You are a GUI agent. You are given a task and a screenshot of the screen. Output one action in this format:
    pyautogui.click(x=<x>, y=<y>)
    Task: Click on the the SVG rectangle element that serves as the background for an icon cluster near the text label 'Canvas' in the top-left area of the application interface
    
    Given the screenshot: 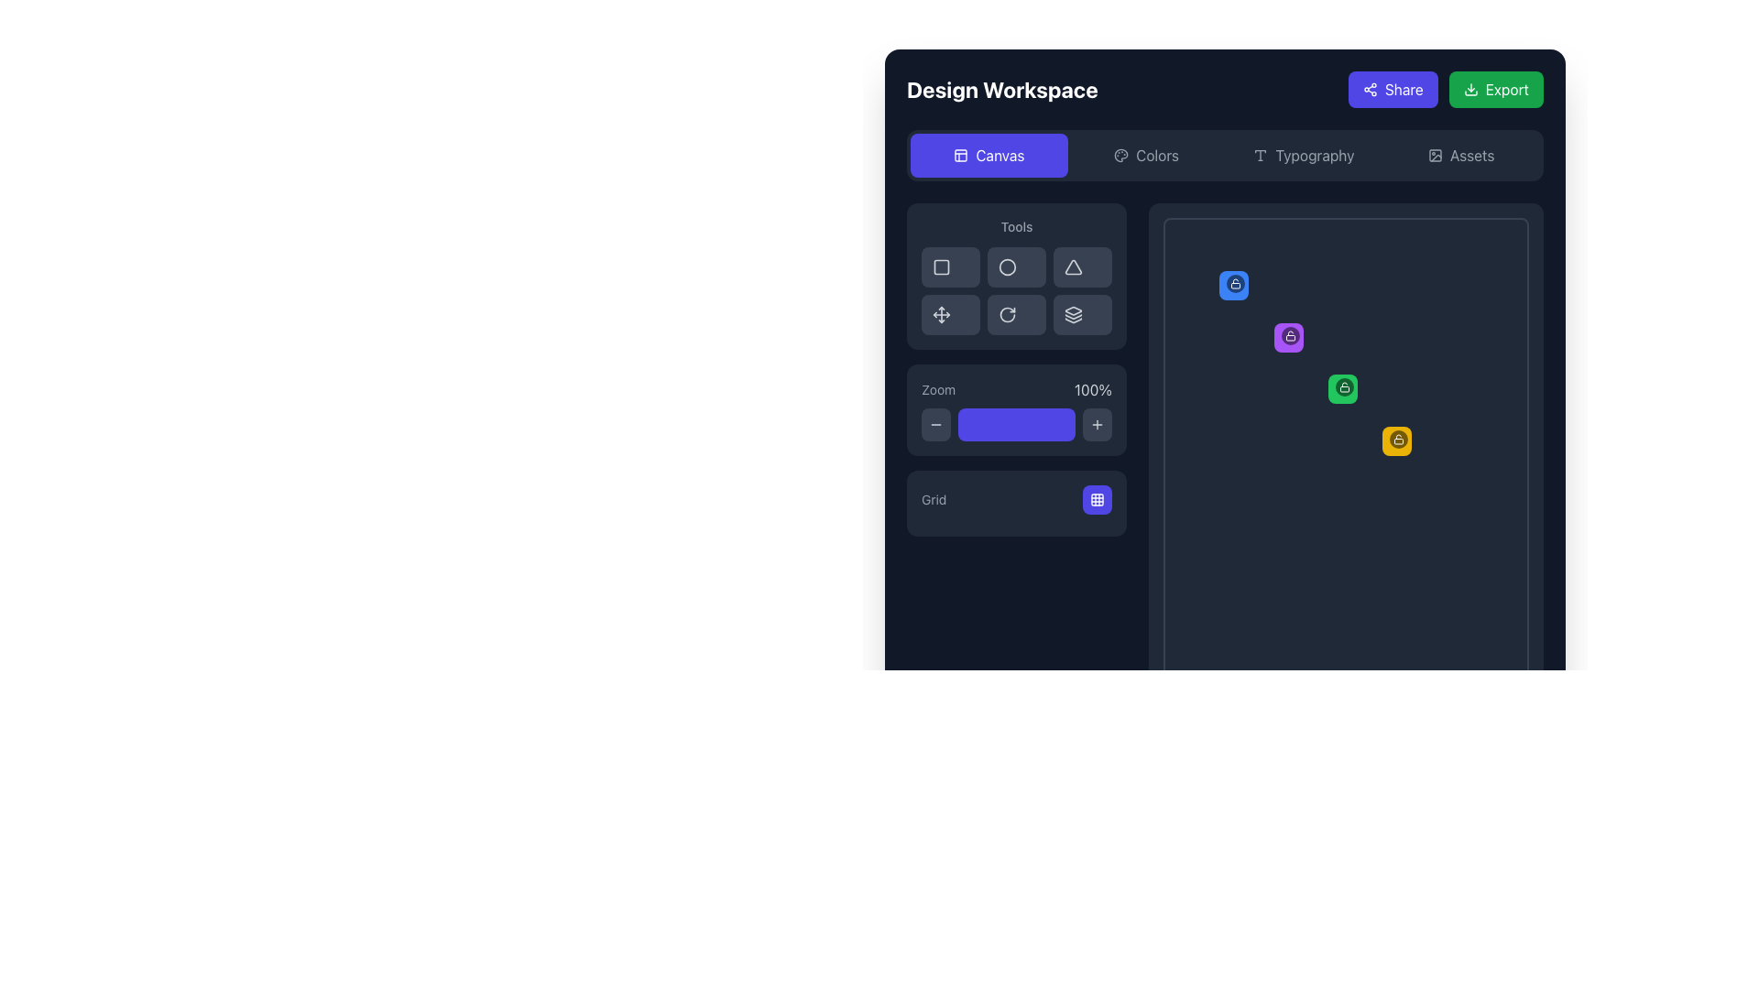 What is the action you would take?
    pyautogui.click(x=960, y=154)
    